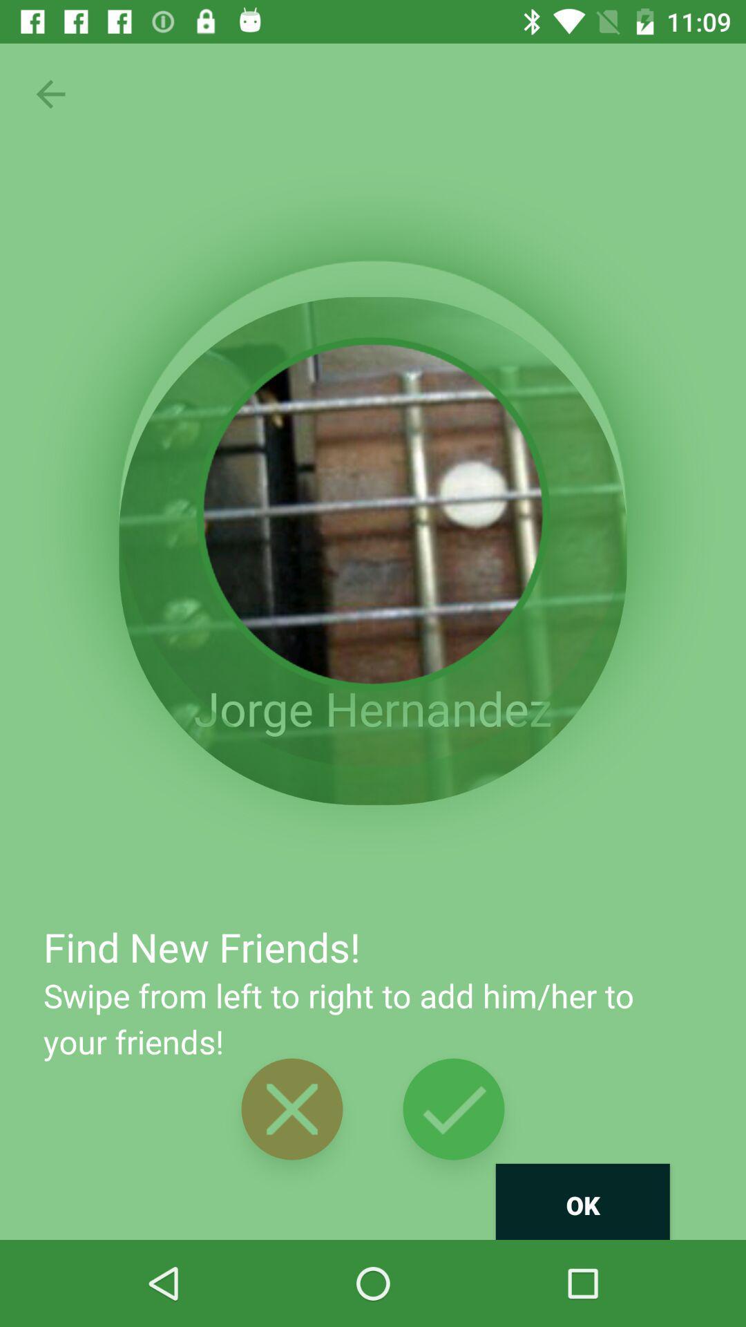 The image size is (746, 1327). What do you see at coordinates (373, 550) in the screenshot?
I see `the image above find new friends` at bounding box center [373, 550].